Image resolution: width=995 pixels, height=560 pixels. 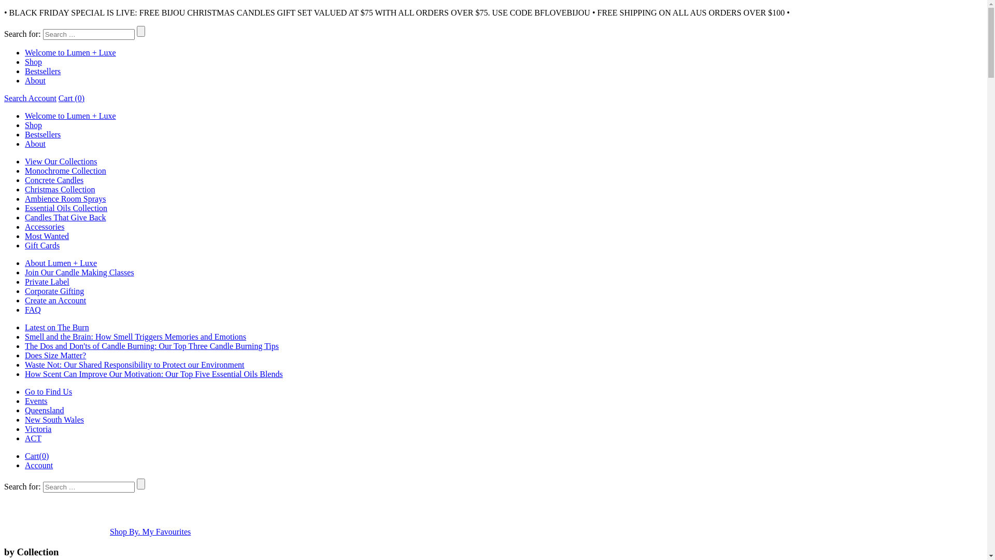 I want to click on 'Shop', so click(x=33, y=124).